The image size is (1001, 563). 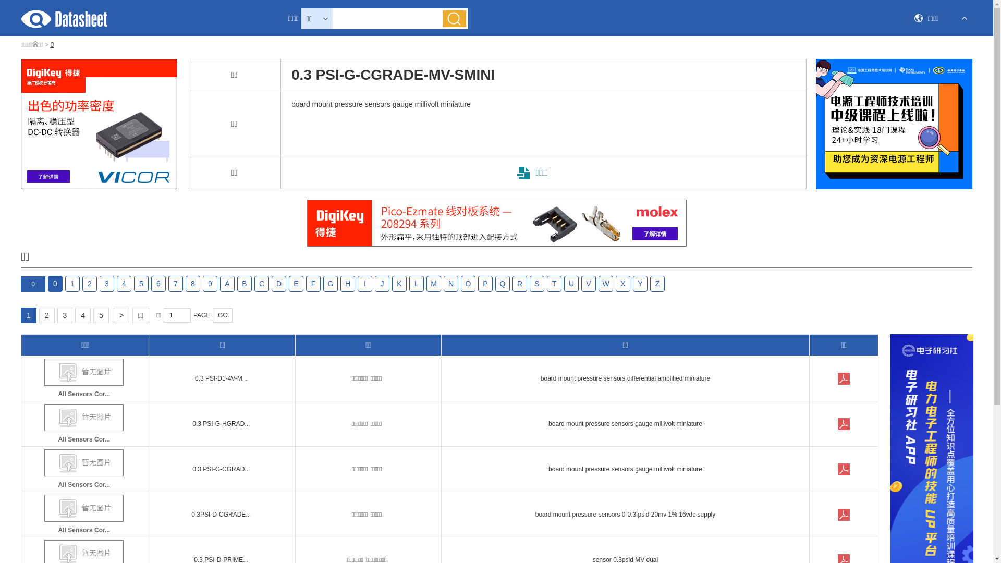 I want to click on 'All Sensors Cor...', so click(x=84, y=515).